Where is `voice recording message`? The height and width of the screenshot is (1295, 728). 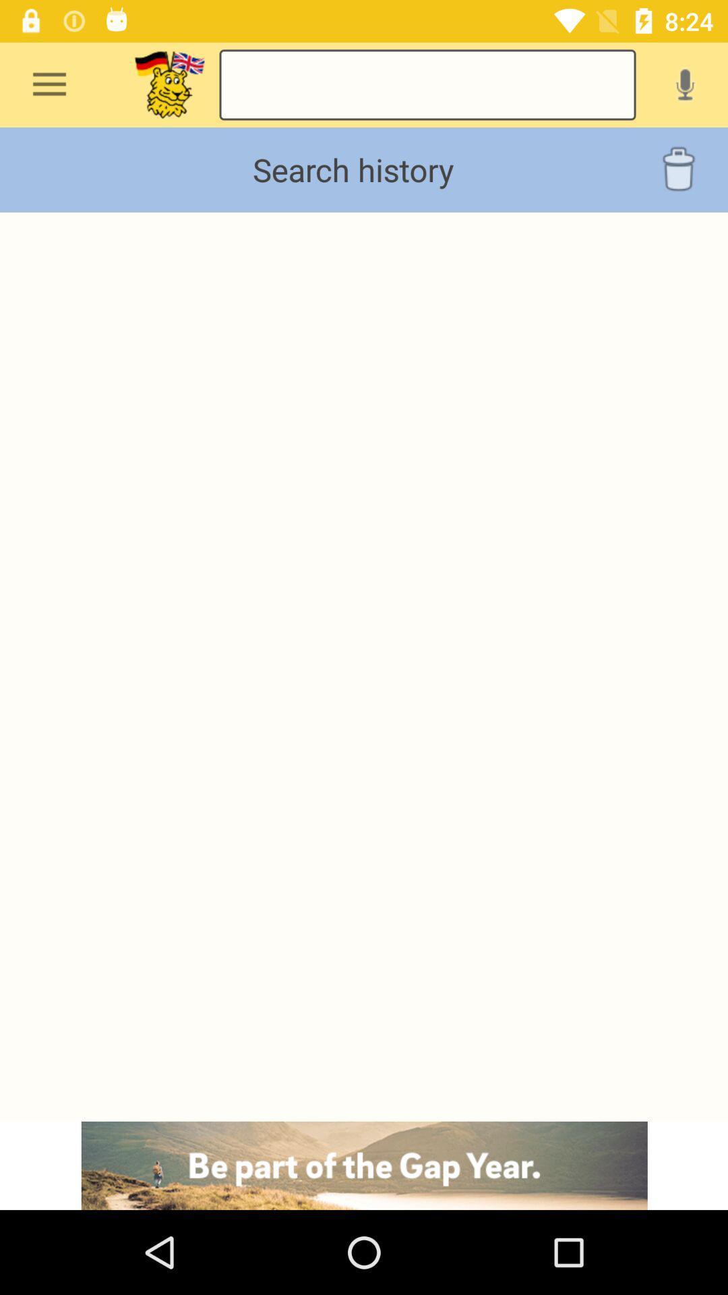
voice recording message is located at coordinates (685, 84).